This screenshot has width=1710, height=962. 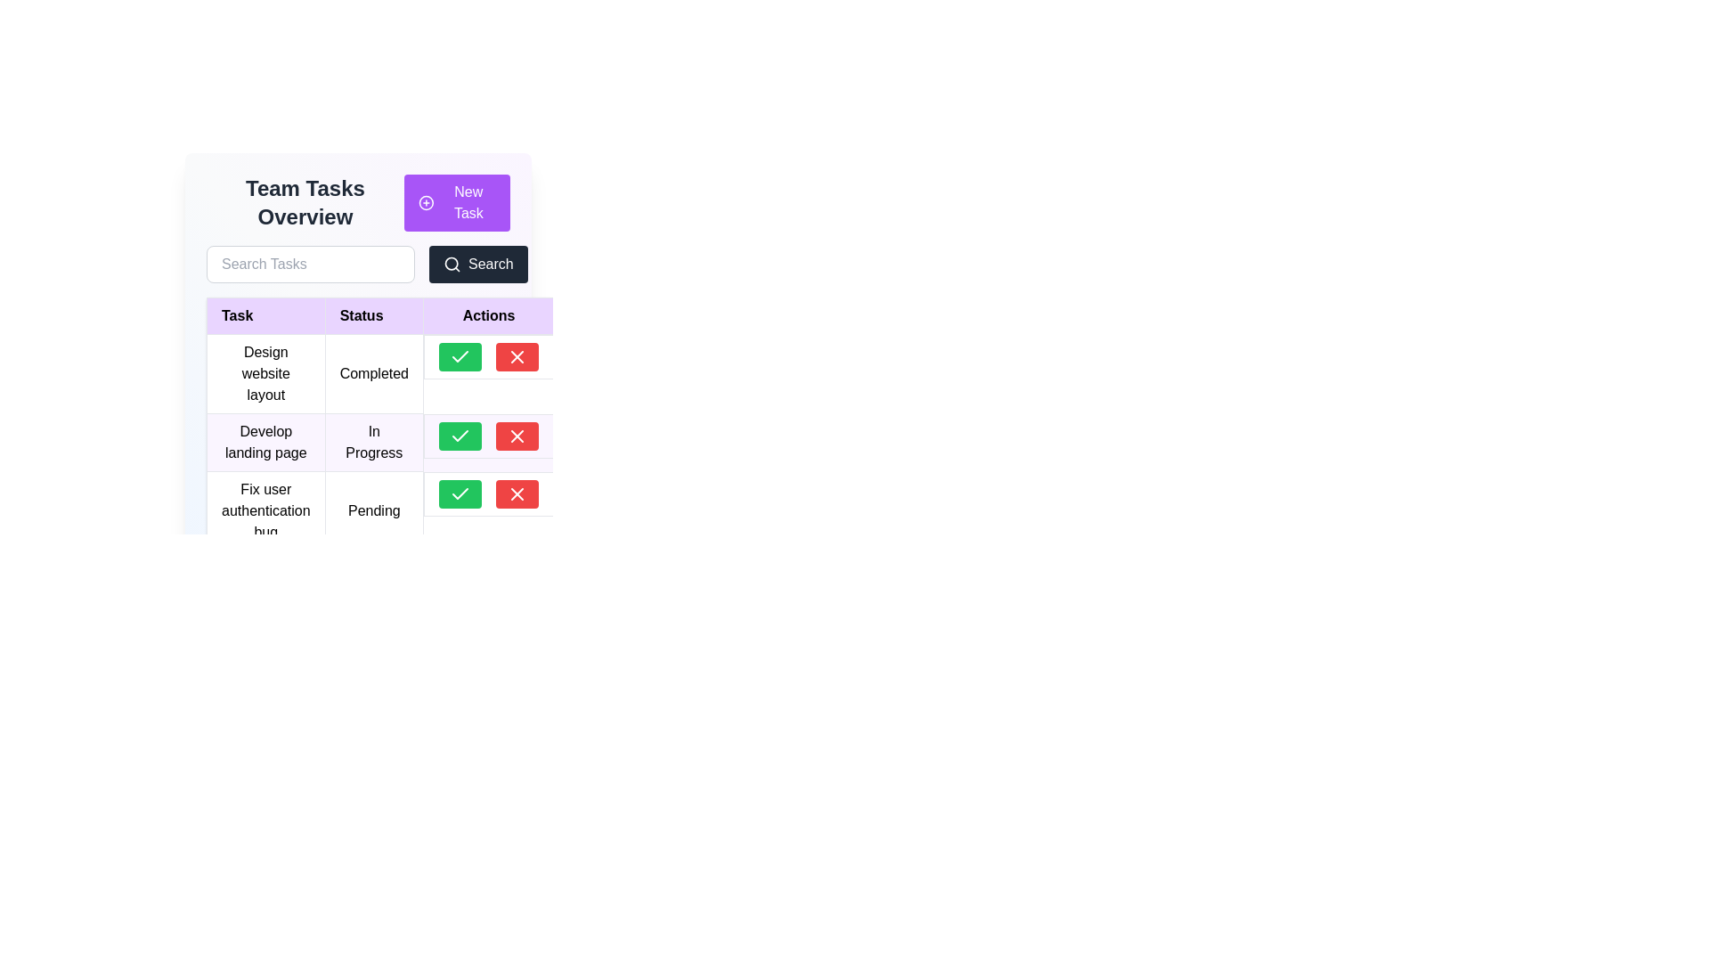 I want to click on the state of the checkmark icon within the green button in the 'Actions' column corresponding to the task titled 'Design website layout.', so click(x=460, y=356).